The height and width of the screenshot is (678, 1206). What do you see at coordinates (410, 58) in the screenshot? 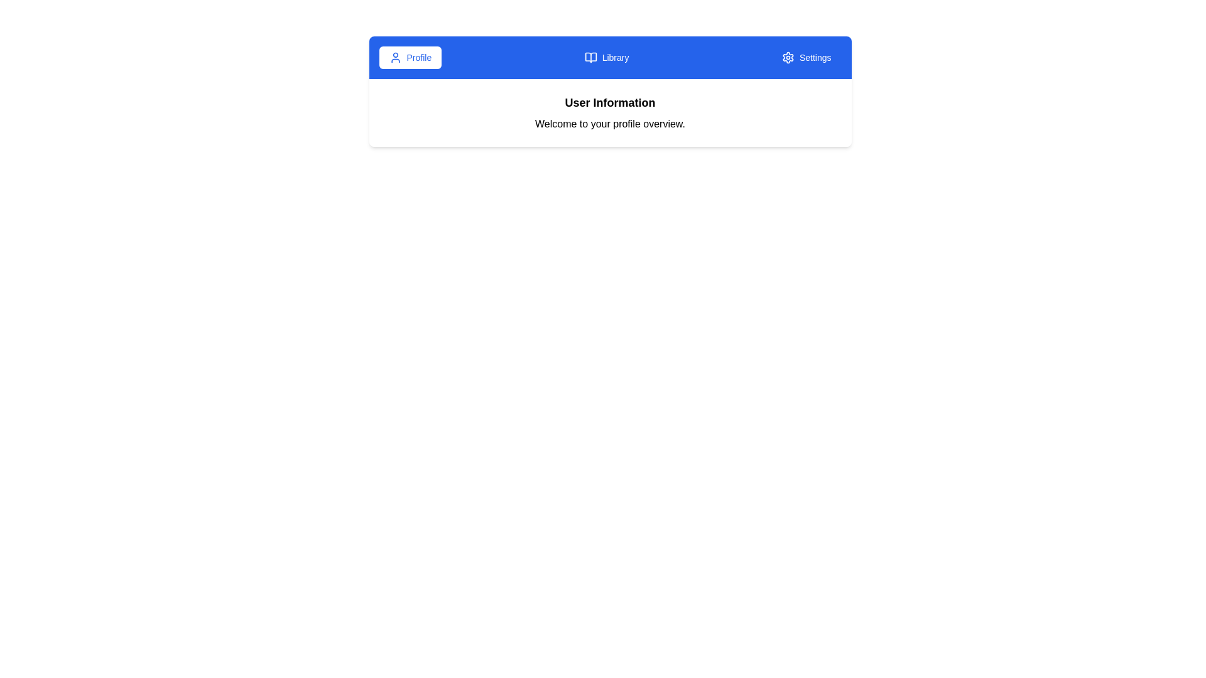
I see `the 'Profile' button, which has a white background, rounded borders, blue text, and a user silhouette icon` at bounding box center [410, 58].